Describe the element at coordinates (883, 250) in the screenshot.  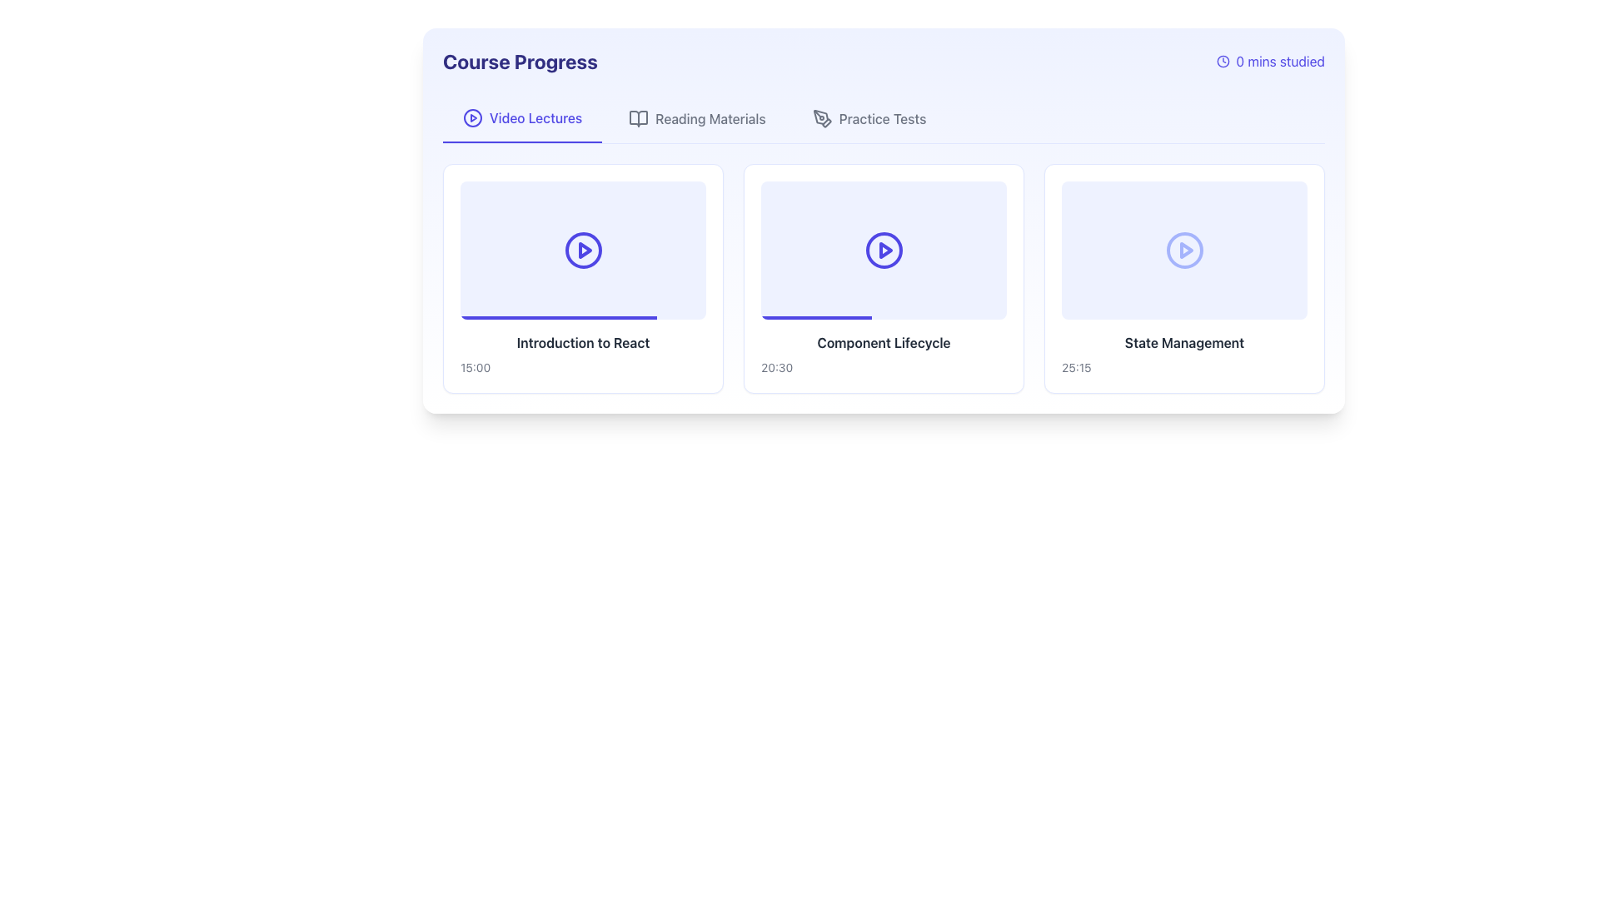
I see `the video thumbnail for 'Component Lifecycle' to play the video` at that location.